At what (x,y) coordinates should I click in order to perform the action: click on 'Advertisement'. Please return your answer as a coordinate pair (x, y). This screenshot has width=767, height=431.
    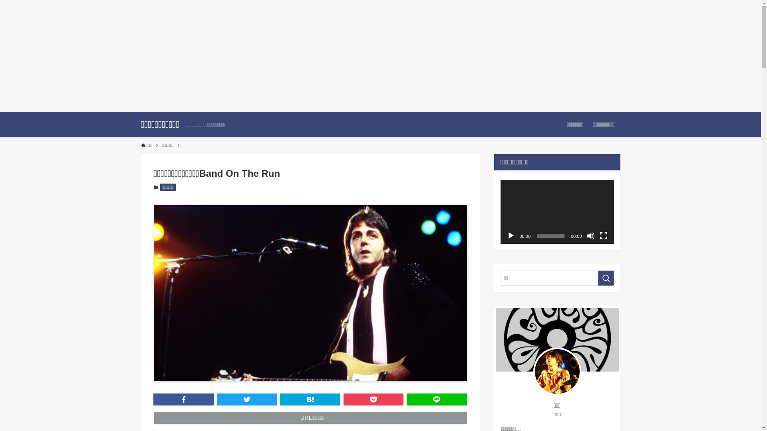
    Looking at the image, I should click on (239, 55).